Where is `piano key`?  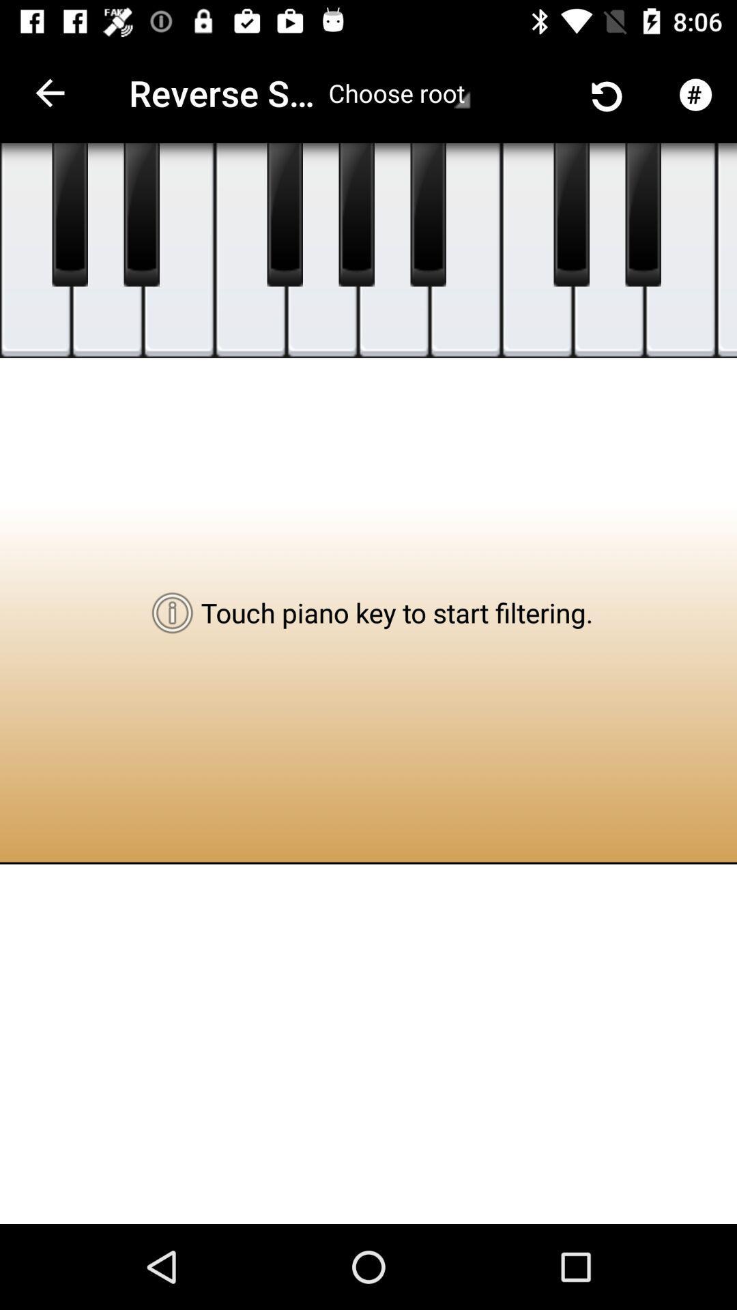 piano key is located at coordinates (141, 214).